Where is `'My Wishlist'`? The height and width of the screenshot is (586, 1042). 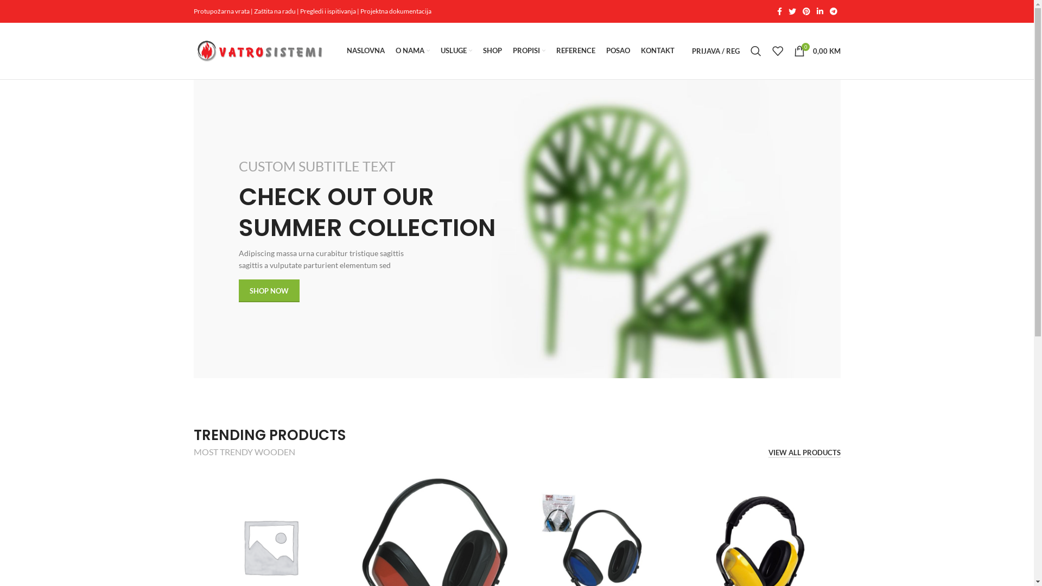 'My Wishlist' is located at coordinates (765, 50).